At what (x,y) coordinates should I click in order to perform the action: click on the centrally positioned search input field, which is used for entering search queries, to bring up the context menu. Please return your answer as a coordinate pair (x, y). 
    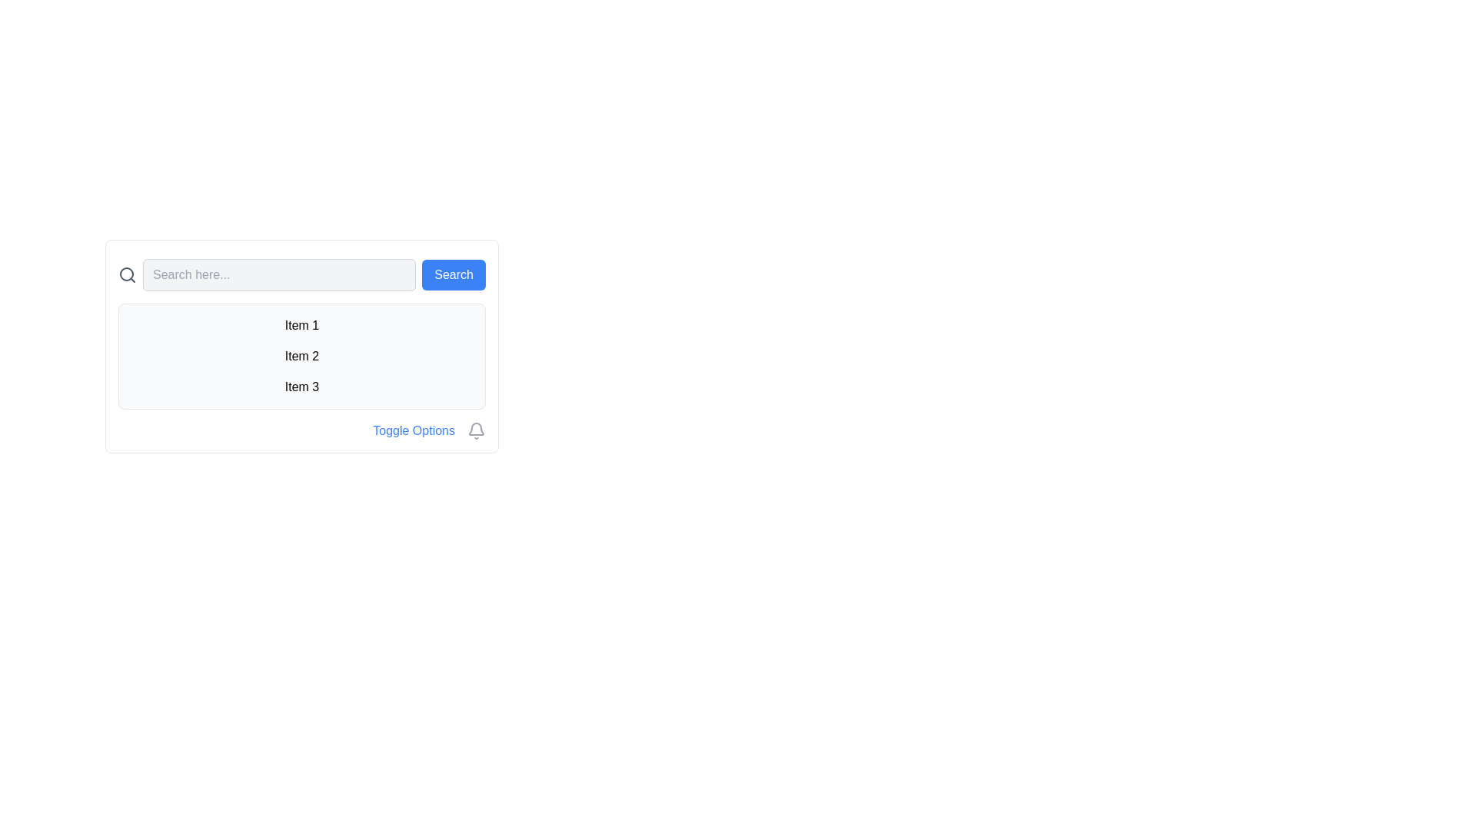
    Looking at the image, I should click on (279, 274).